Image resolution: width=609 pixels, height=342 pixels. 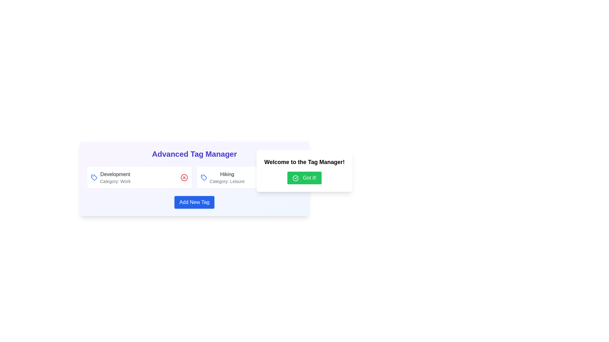 I want to click on the text label displaying 'Hiking', which is styled in medium-sized, dark-gray font and located in the middle section of the interface, adjacent to the 'Development' tag, so click(x=227, y=174).